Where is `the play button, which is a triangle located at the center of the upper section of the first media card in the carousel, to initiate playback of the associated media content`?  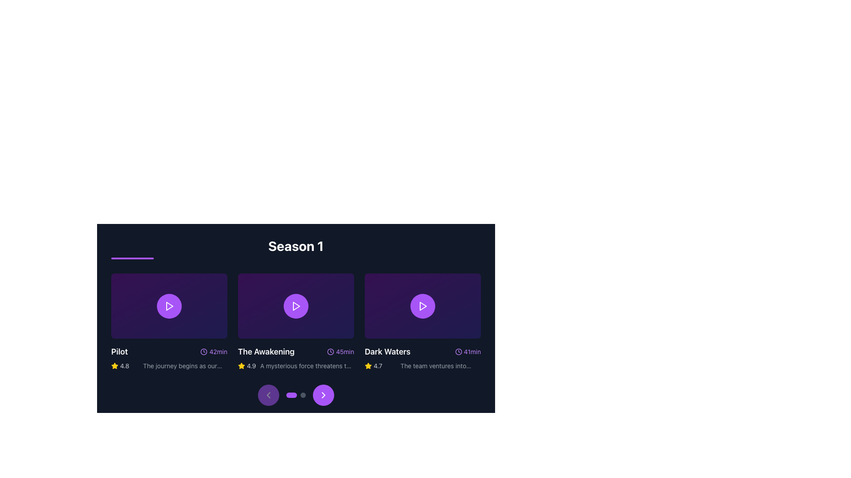 the play button, which is a triangle located at the center of the upper section of the first media card in the carousel, to initiate playback of the associated media content is located at coordinates (170, 305).